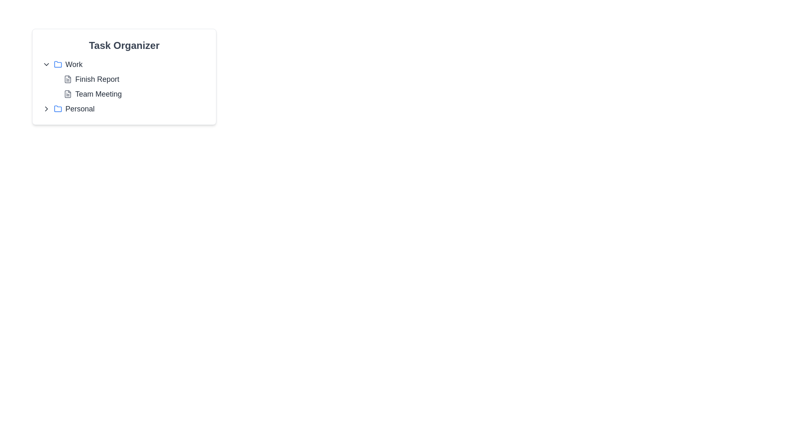 The height and width of the screenshot is (444, 790). Describe the element at coordinates (98, 93) in the screenshot. I see `the text label for the second task under the 'Work' section in the 'Task Organizer' UI, located beneath 'Finish Report'` at that location.